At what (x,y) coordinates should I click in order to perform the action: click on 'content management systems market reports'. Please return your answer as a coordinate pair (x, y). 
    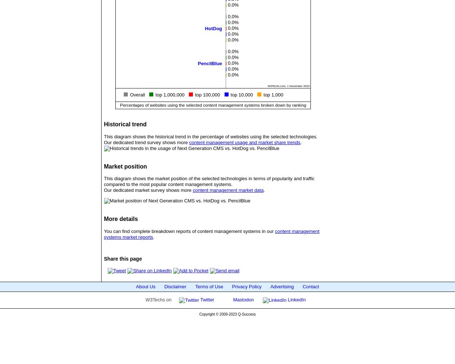
    Looking at the image, I should click on (211, 234).